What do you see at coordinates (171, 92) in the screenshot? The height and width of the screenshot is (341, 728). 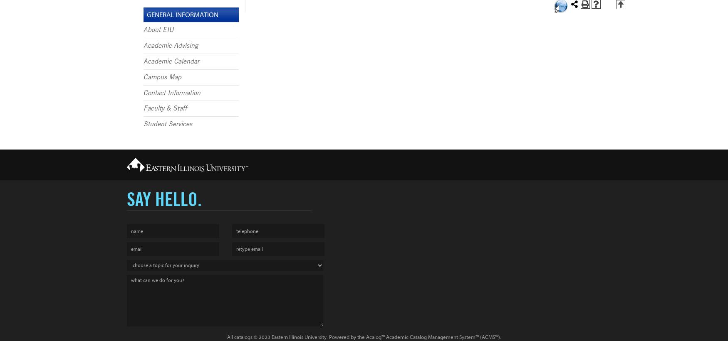 I see `'Contact Information'` at bounding box center [171, 92].